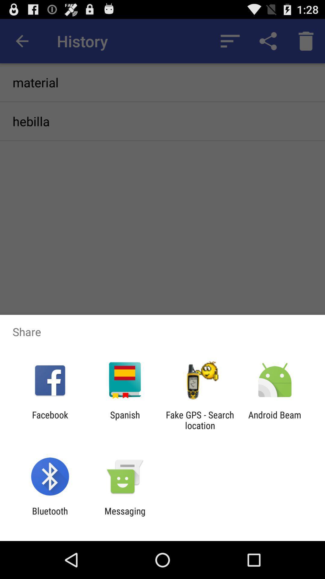 The width and height of the screenshot is (325, 579). Describe the element at coordinates (125, 516) in the screenshot. I see `the messaging icon` at that location.